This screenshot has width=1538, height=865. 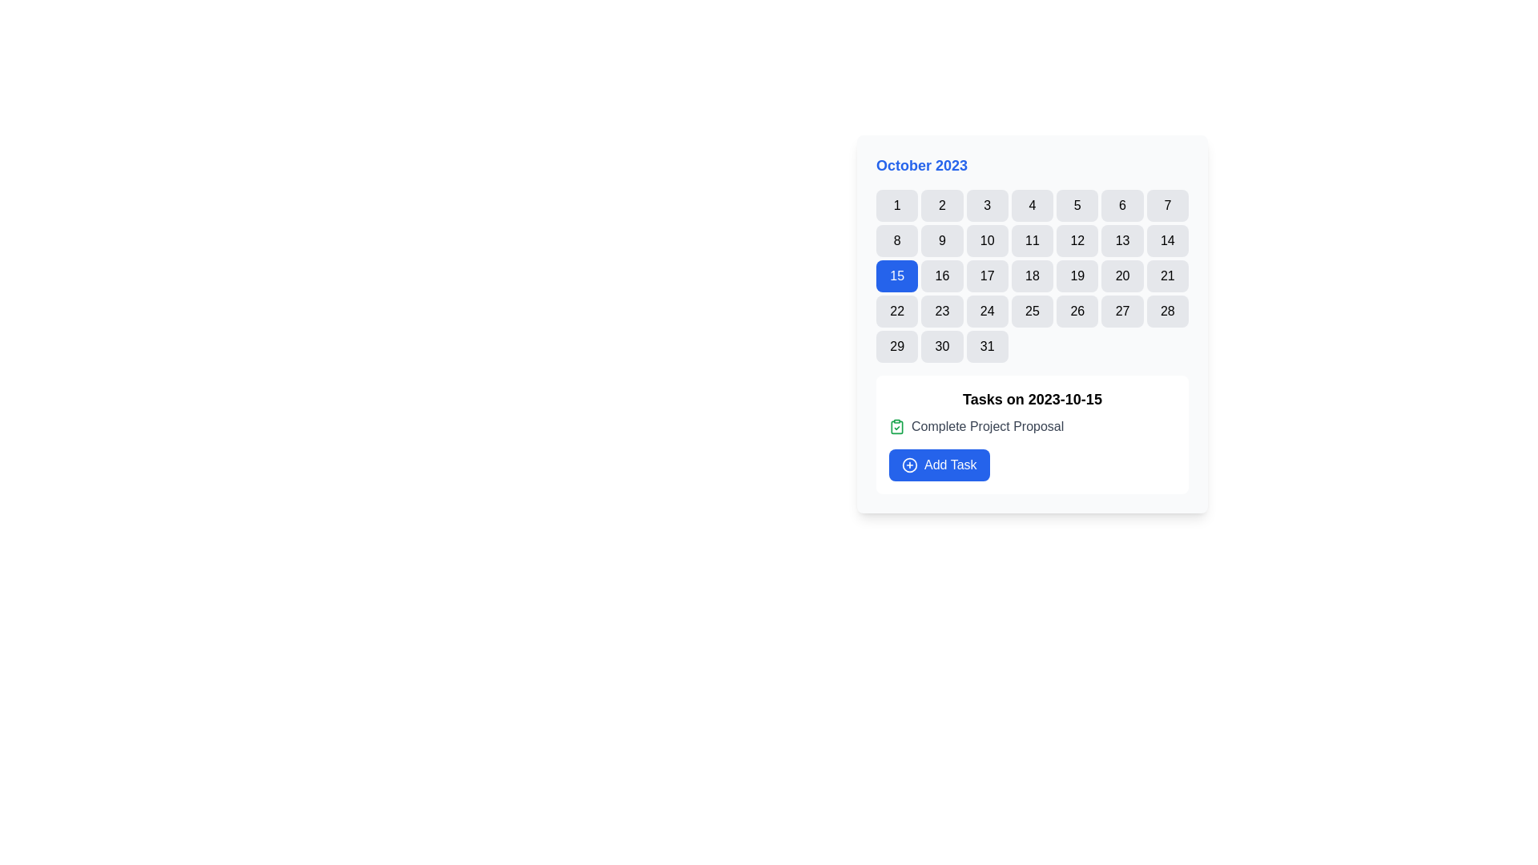 What do you see at coordinates (1031, 205) in the screenshot?
I see `the button representing the calendar day with the number '4'` at bounding box center [1031, 205].